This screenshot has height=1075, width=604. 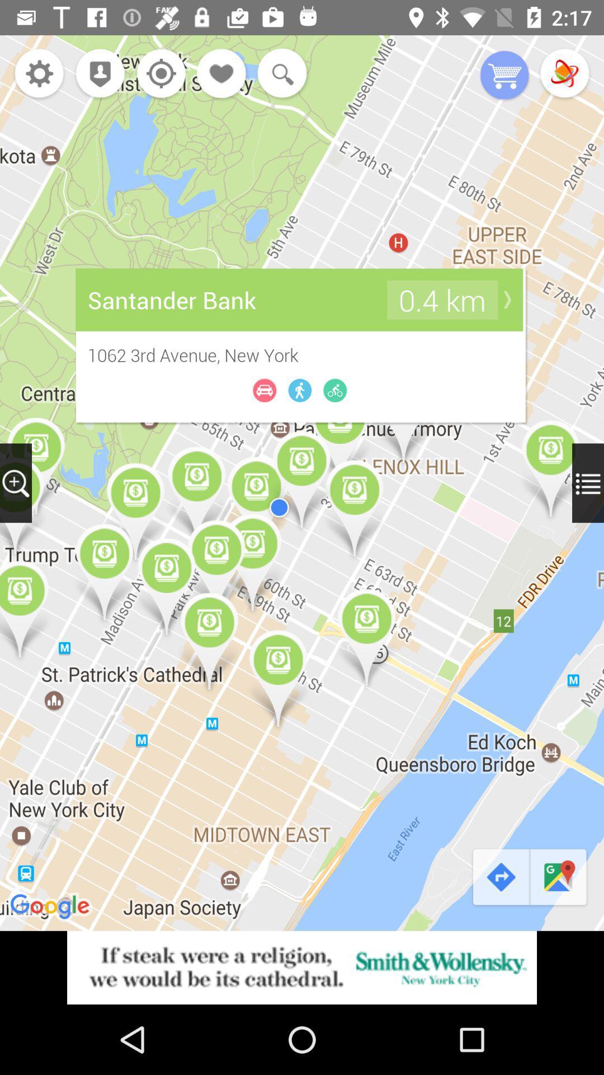 I want to click on rotate the map view, so click(x=564, y=74).